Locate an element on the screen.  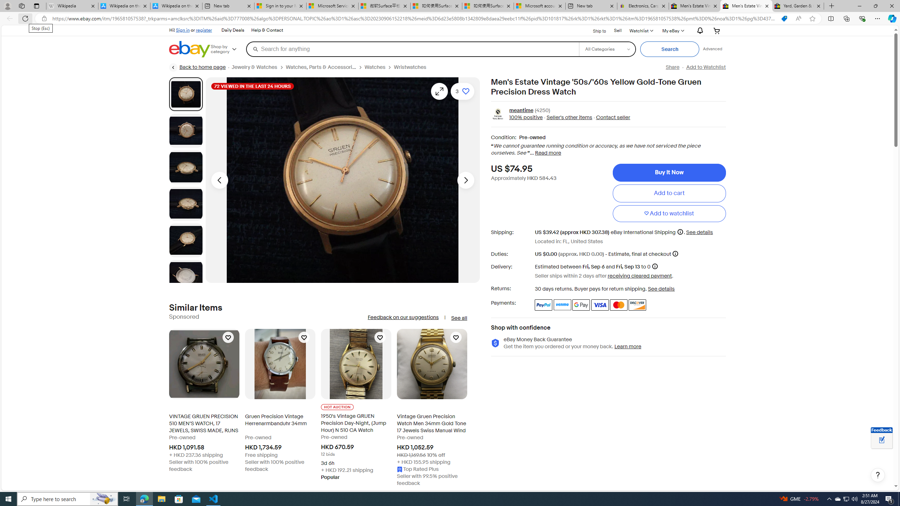
'Opens image gallery' is located at coordinates (439, 91).